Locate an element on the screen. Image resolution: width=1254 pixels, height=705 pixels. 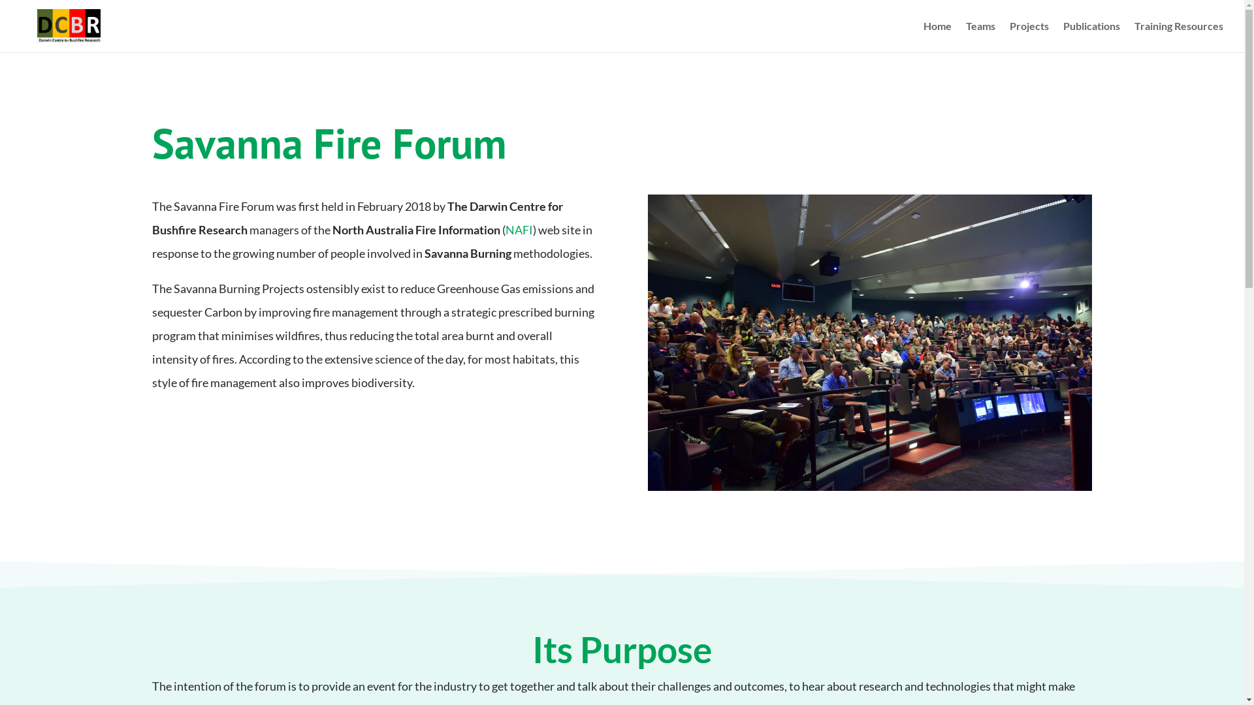
'Publications' is located at coordinates (1091, 36).